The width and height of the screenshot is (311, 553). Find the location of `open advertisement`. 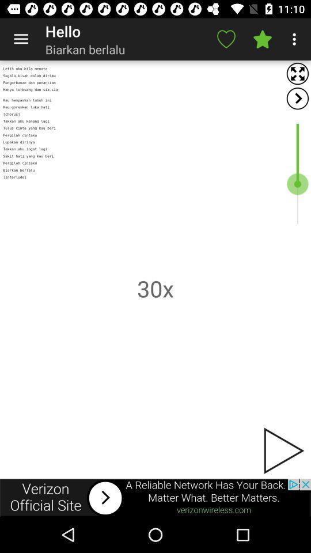

open advertisement is located at coordinates (155, 497).